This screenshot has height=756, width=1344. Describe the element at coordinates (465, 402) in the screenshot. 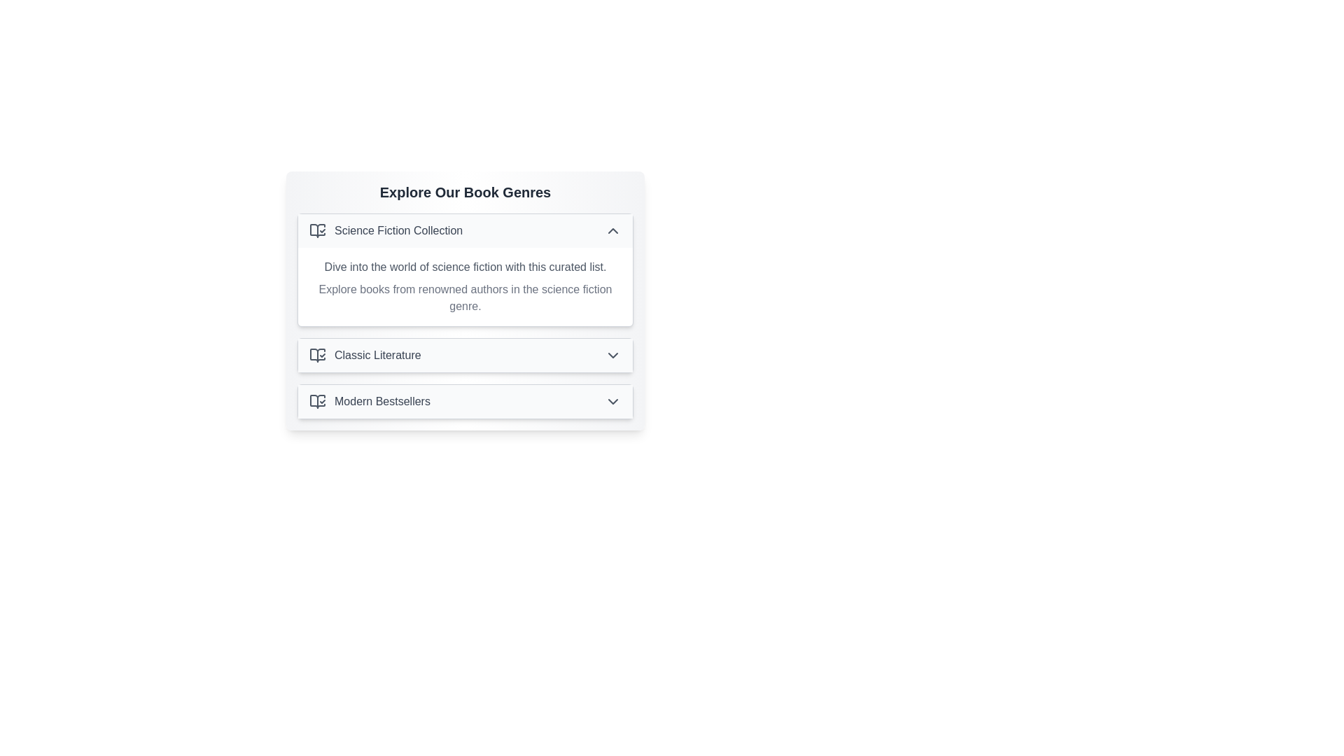

I see `the last item in the vertical list, the CollapsibleHeader labeled 'Modern Bestsellers', to trigger hover effects` at that location.